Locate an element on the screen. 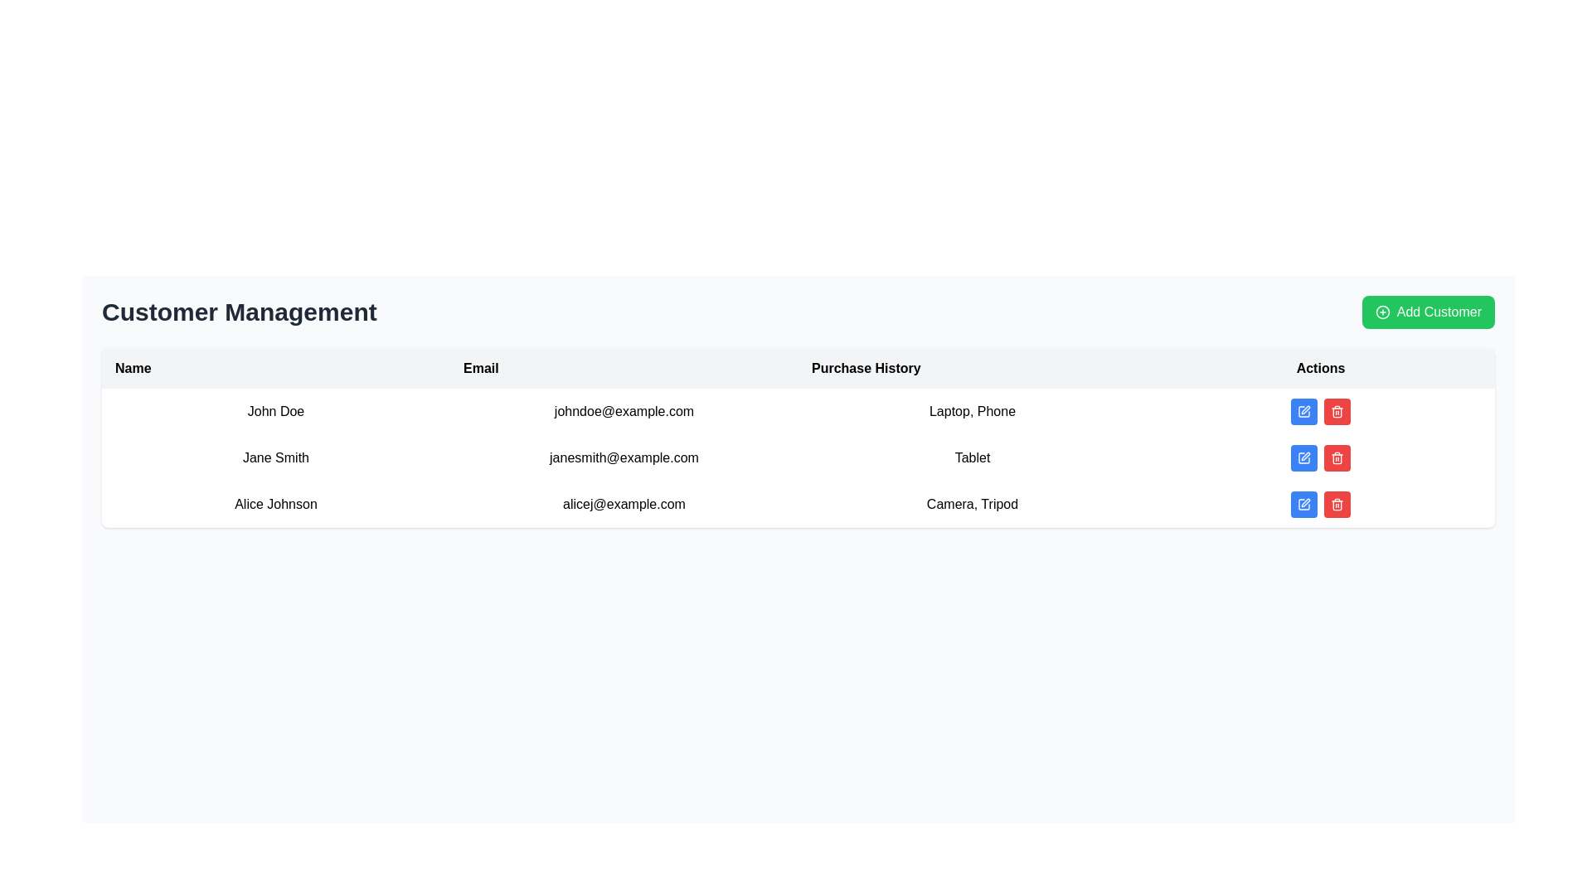 This screenshot has height=895, width=1592. the edit button in the 'Actions' column for the third row of the table, which corresponds to the row following John Doe and Jane Smith is located at coordinates (1303, 504).